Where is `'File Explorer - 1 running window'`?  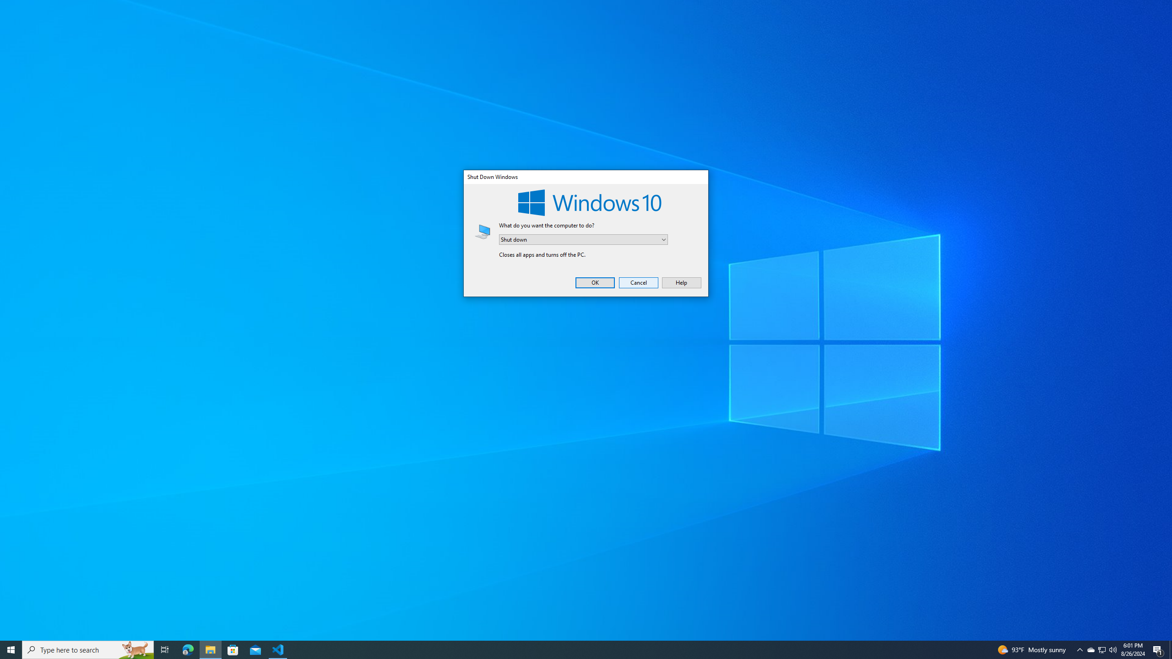
'File Explorer - 1 running window' is located at coordinates (210, 649).